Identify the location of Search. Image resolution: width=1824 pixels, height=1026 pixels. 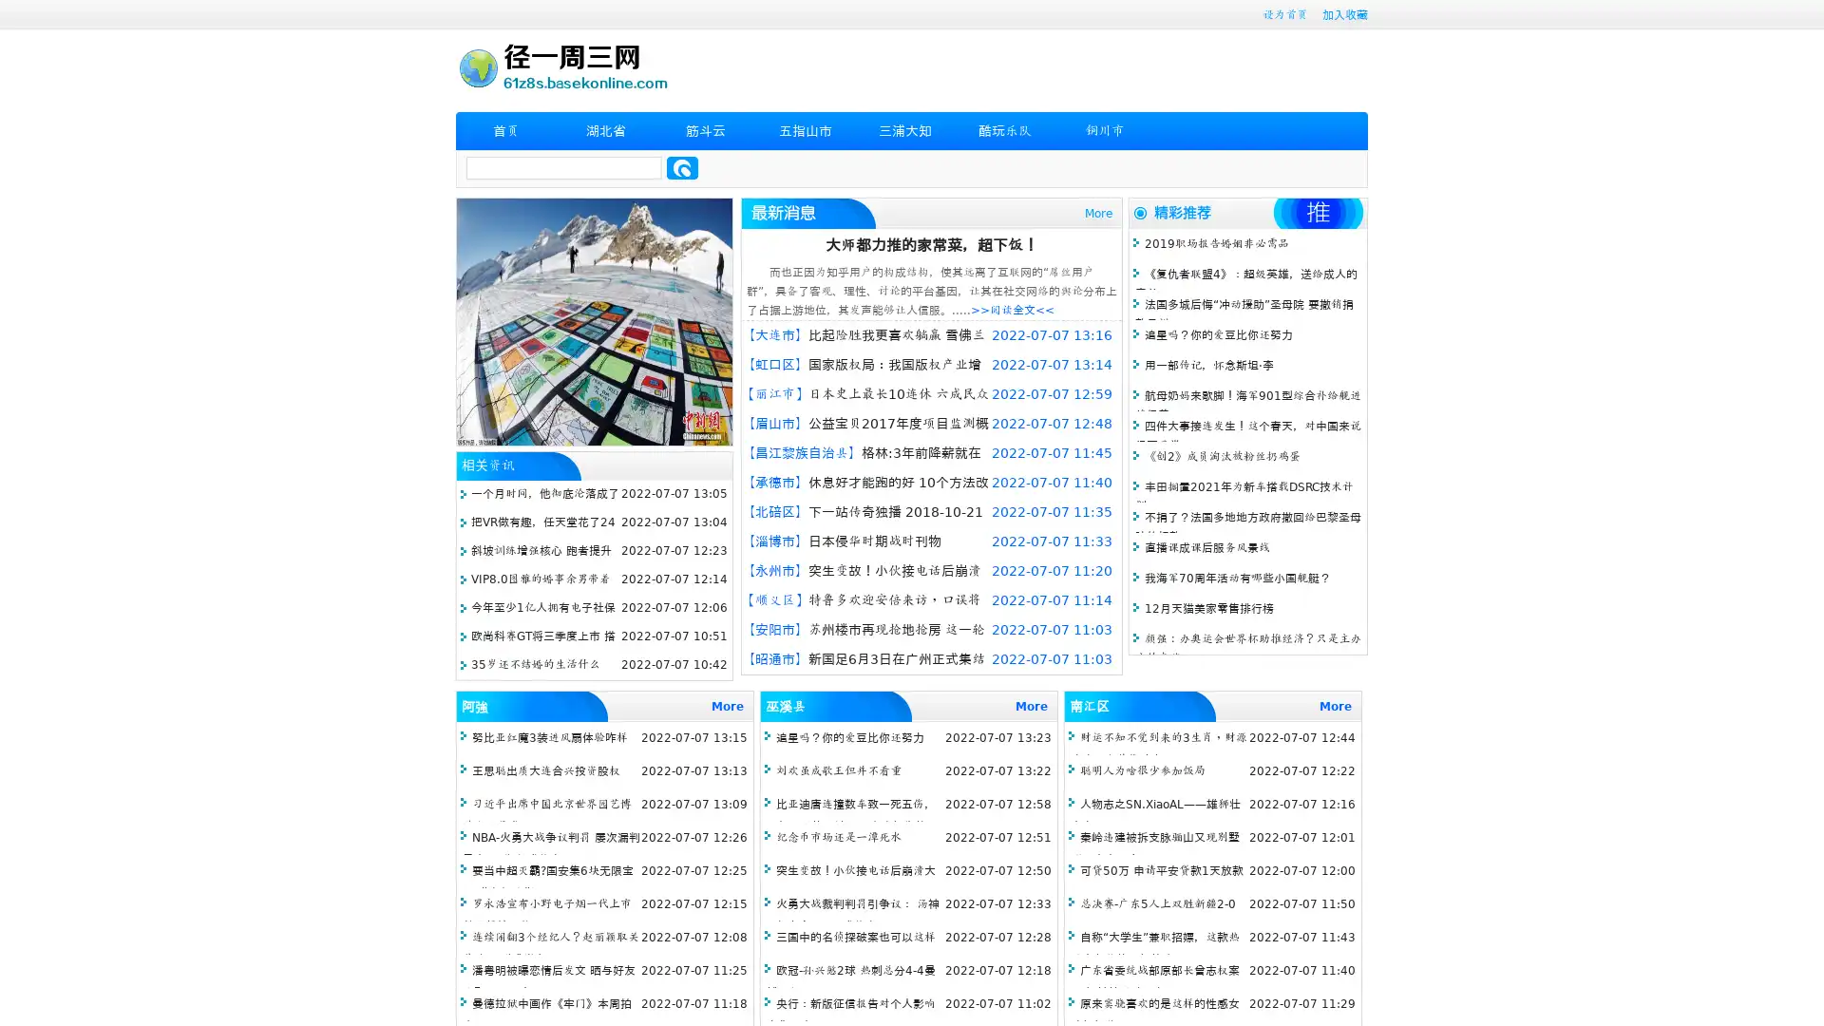
(682, 167).